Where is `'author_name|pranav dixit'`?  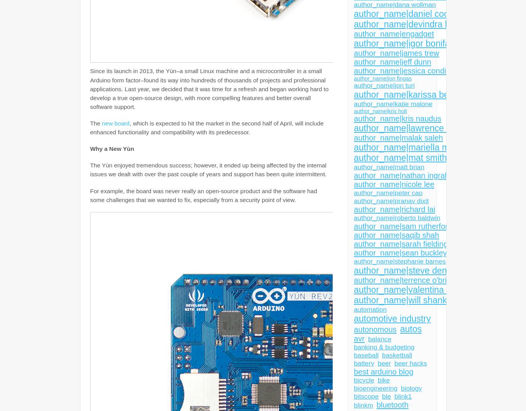
'author_name|pranav dixit' is located at coordinates (391, 201).